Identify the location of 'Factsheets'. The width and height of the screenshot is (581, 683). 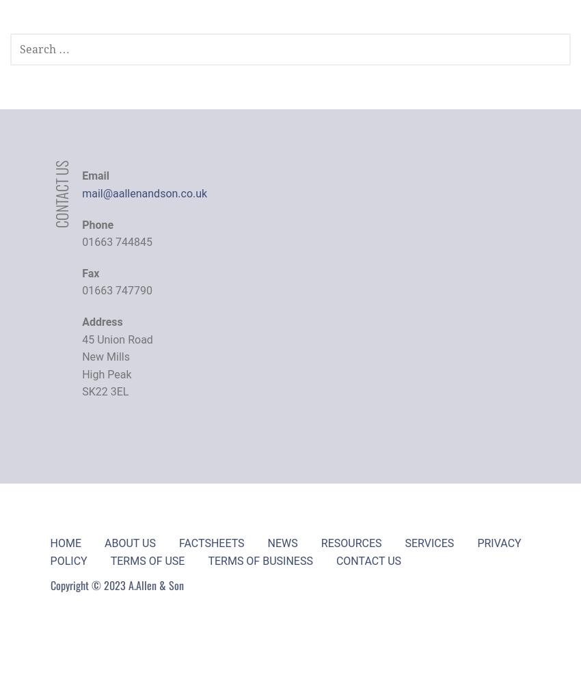
(211, 542).